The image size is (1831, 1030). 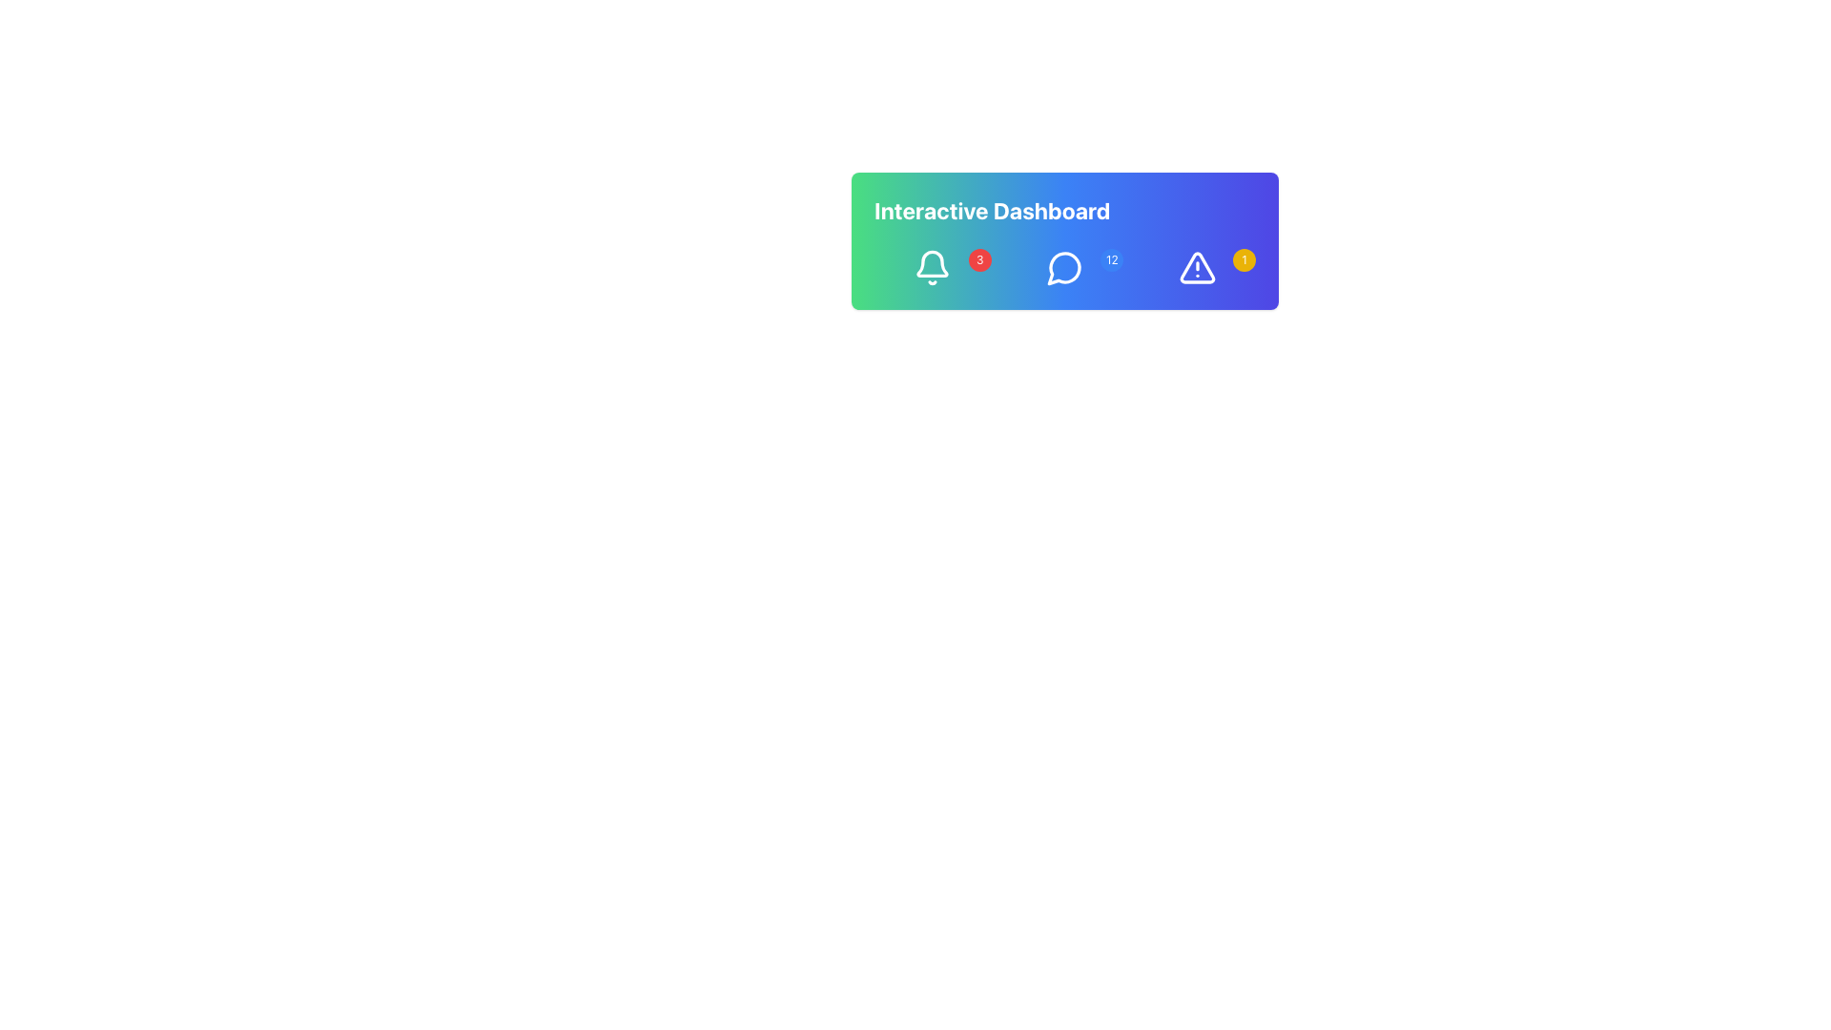 What do you see at coordinates (1064, 268) in the screenshot?
I see `the second icon from the left in the header section of the interactive dashboard` at bounding box center [1064, 268].